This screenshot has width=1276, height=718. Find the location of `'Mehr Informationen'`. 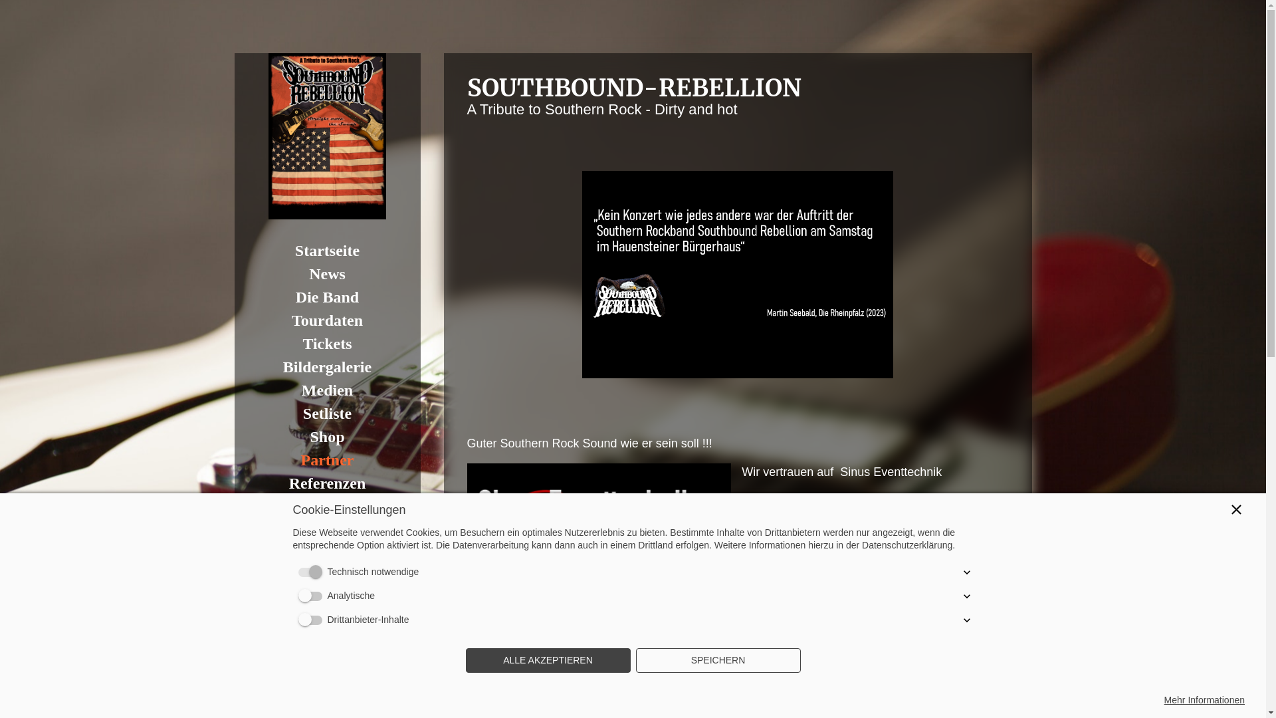

'Mehr Informationen' is located at coordinates (1204, 699).